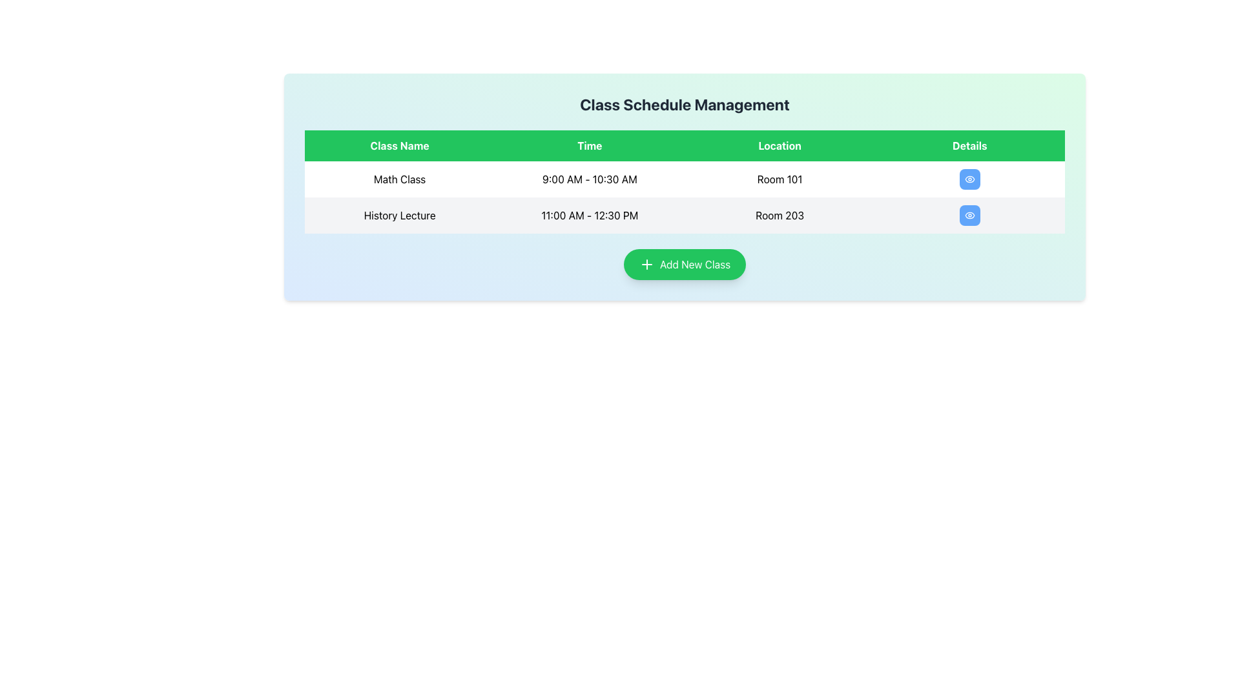 The image size is (1240, 697). I want to click on the 'Class Name' static text header which has a green background and white text, located in the first column of a four-column header row, so click(399, 145).